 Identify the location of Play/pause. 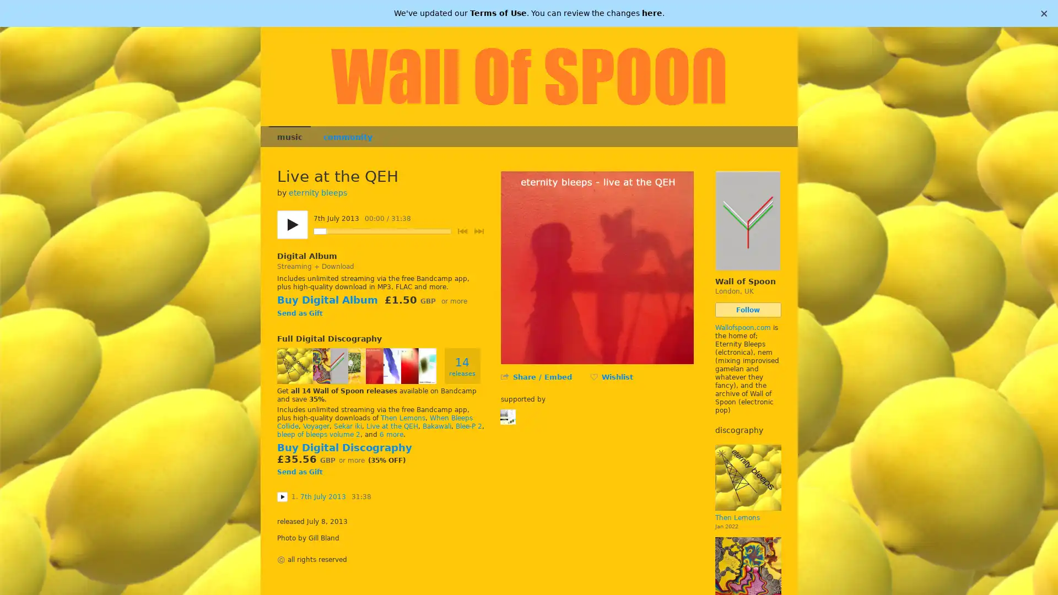
(292, 224).